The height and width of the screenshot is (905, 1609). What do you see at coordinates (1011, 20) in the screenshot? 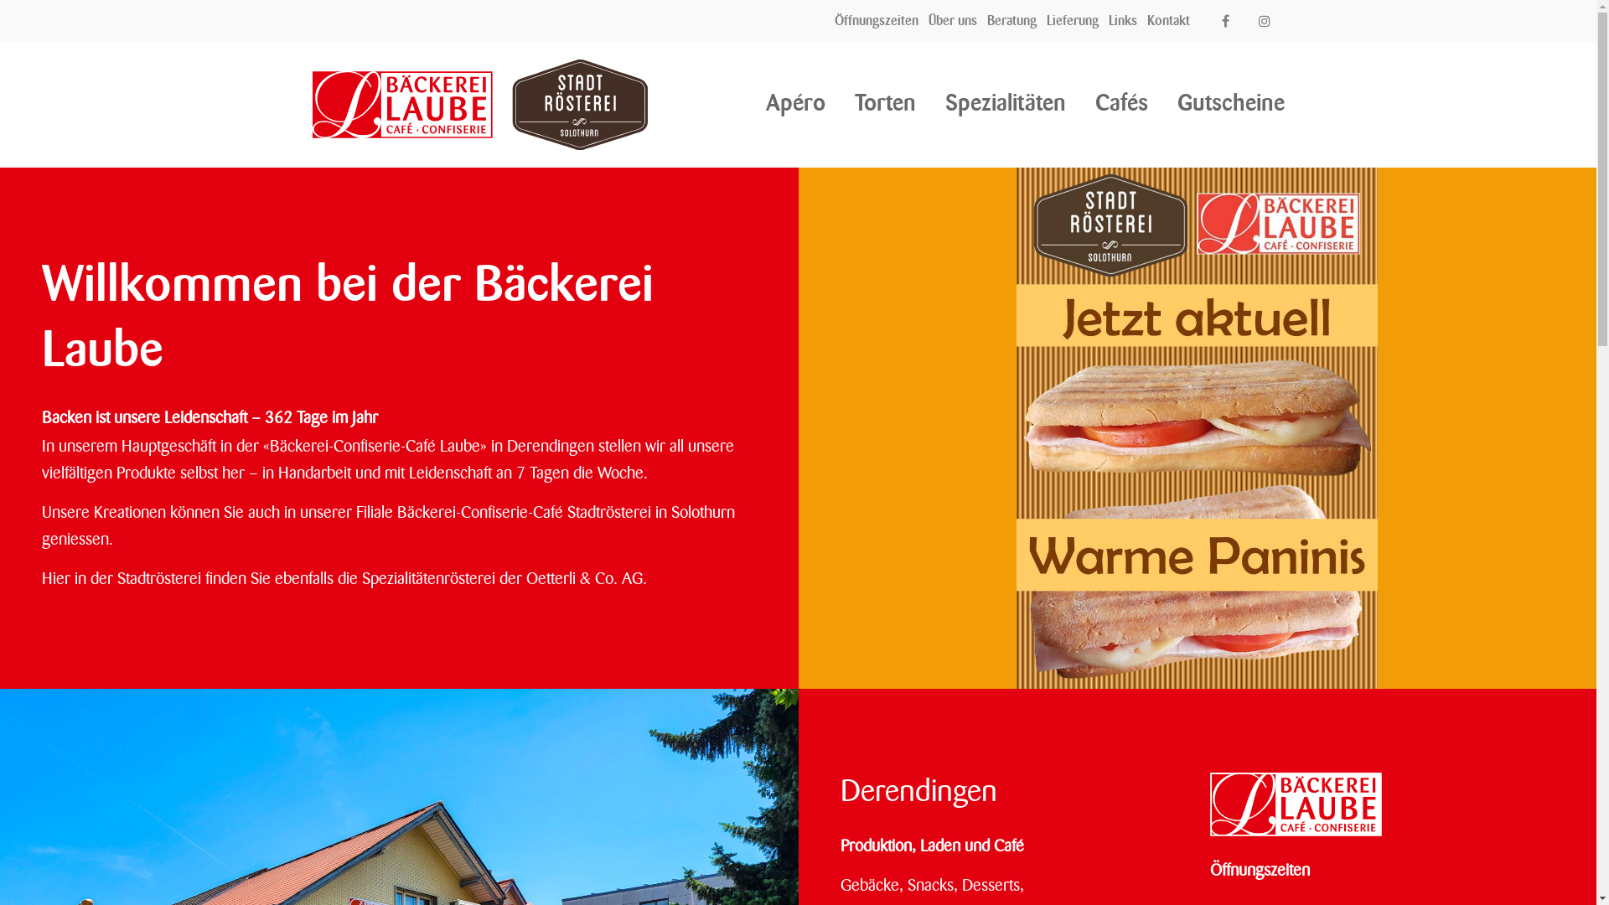
I see `'Beratung'` at bounding box center [1011, 20].